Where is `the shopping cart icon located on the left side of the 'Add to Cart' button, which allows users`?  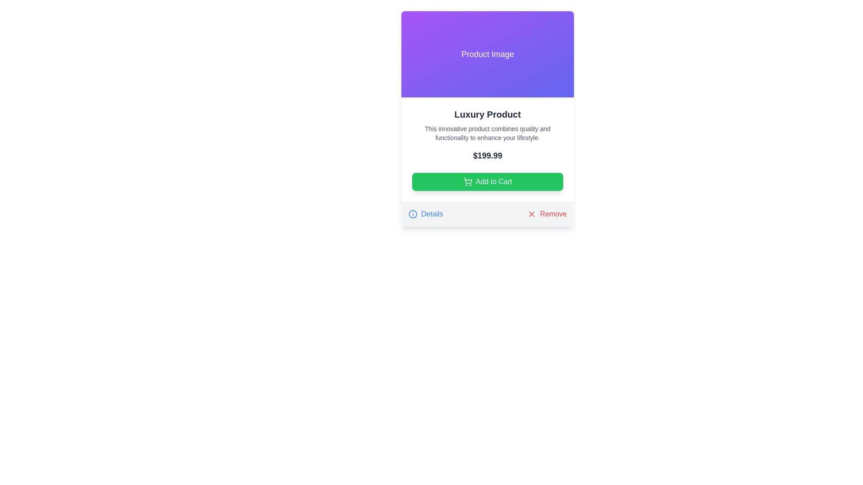 the shopping cart icon located on the left side of the 'Add to Cart' button, which allows users is located at coordinates (467, 182).